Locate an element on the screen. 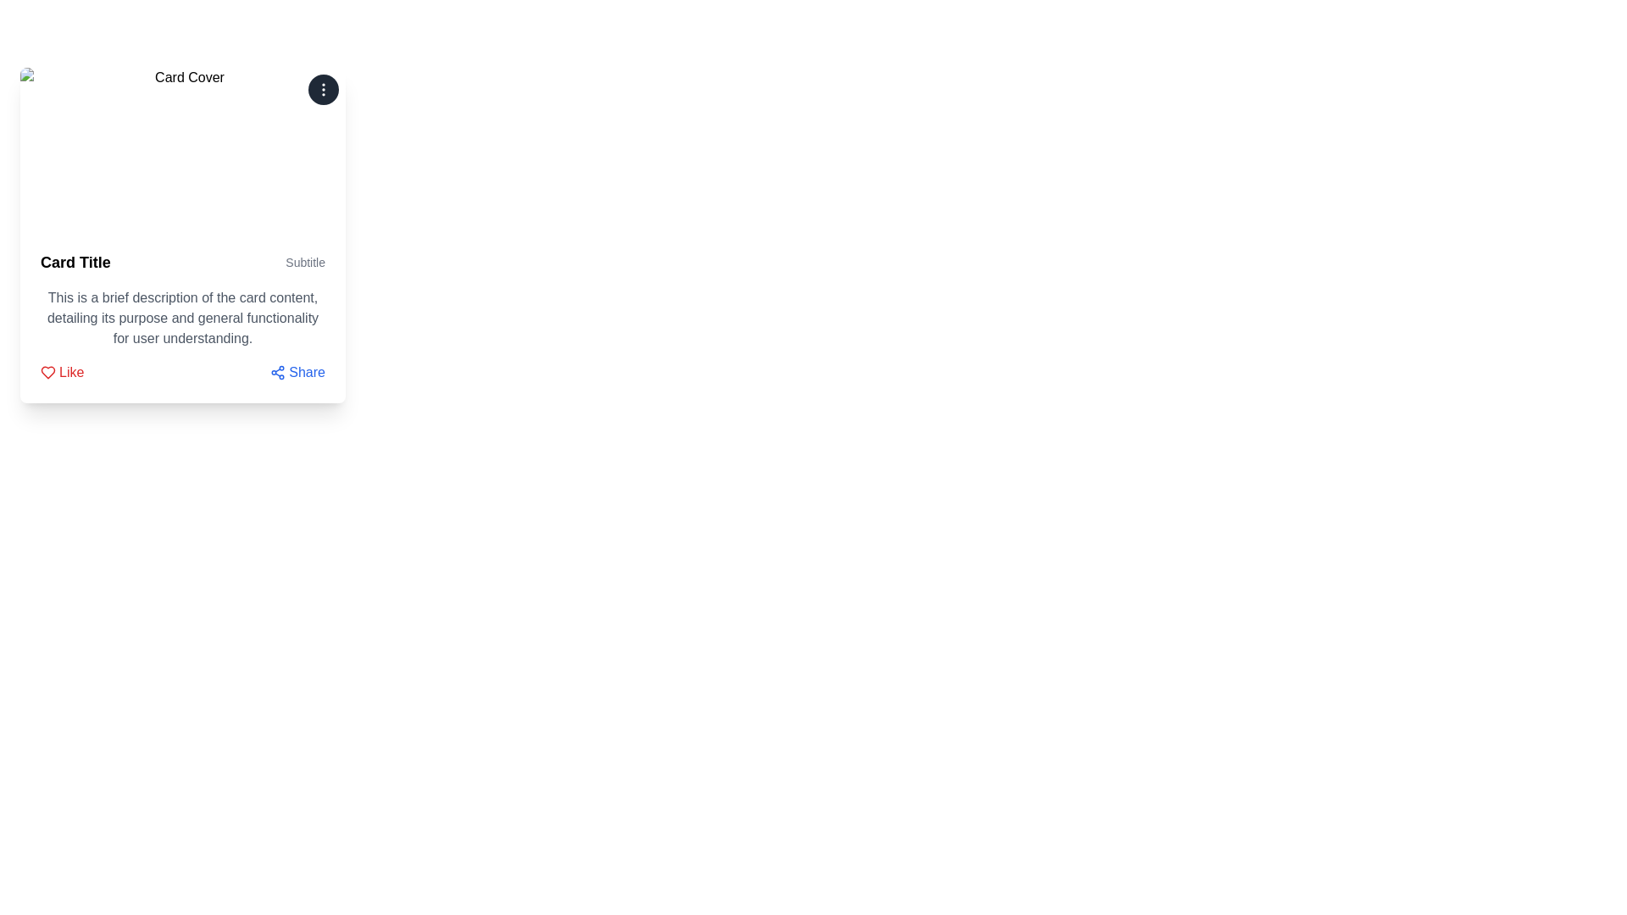  the blue text label reading 'Share' located in the lower right corner of the card-like interface, adjacent to the share icon is located at coordinates (307, 371).